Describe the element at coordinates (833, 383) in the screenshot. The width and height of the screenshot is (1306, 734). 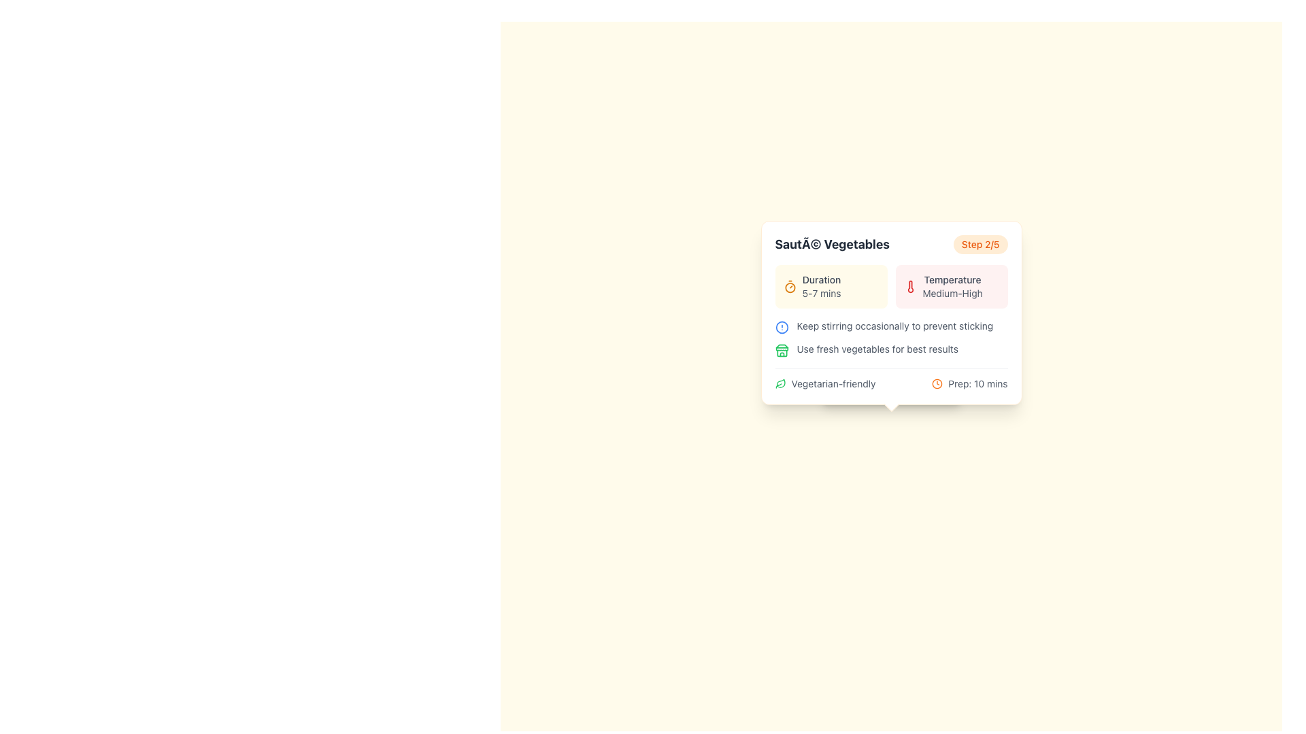
I see `text label indicating vegetarian-friendly options located at the bottom left section of the pop-up card, positioned to the right of a green leaf icon` at that location.